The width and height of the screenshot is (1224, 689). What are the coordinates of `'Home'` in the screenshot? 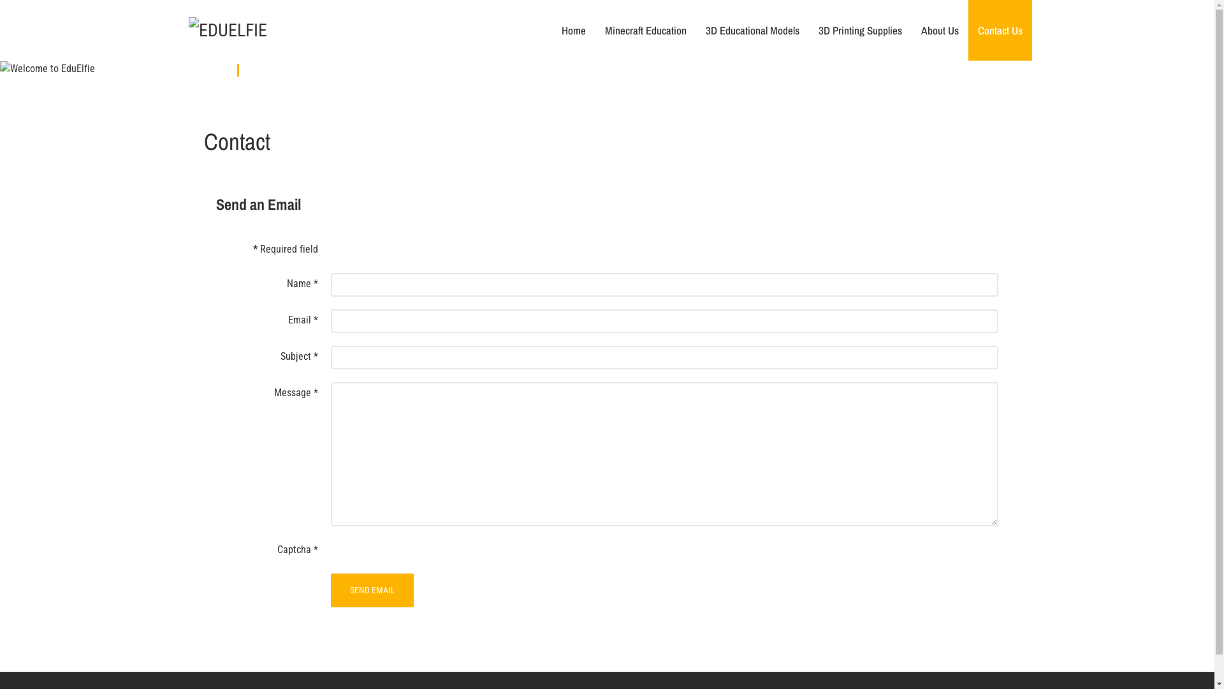 It's located at (573, 29).